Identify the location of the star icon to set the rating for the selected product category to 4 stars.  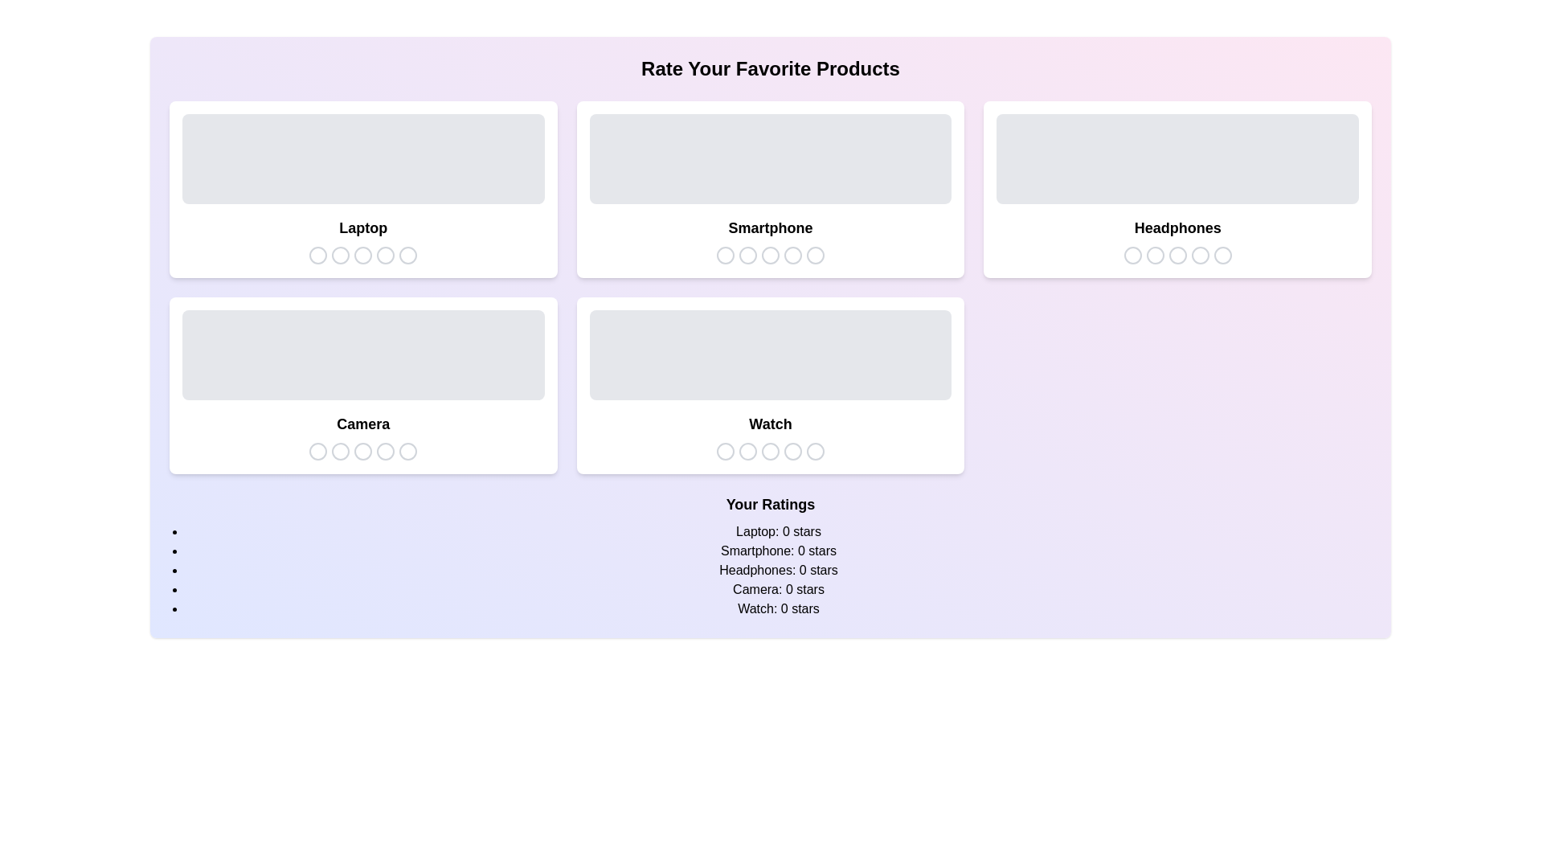
(386, 254).